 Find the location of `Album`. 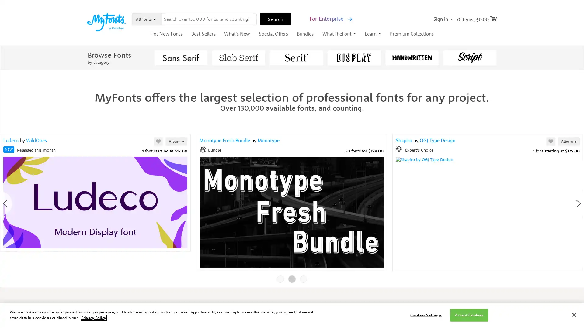

Album is located at coordinates (176, 141).